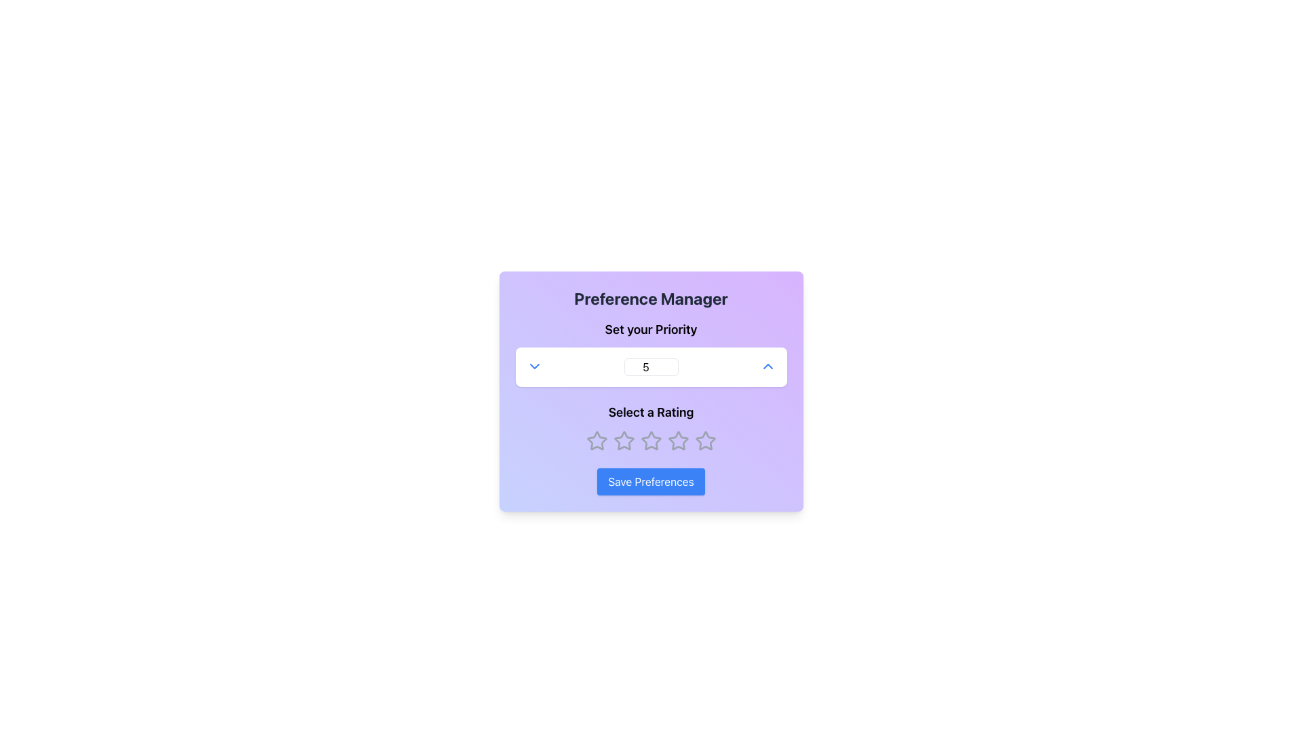 The width and height of the screenshot is (1303, 733). What do you see at coordinates (597, 441) in the screenshot?
I see `the first star icon from the left in the row of six star icons` at bounding box center [597, 441].